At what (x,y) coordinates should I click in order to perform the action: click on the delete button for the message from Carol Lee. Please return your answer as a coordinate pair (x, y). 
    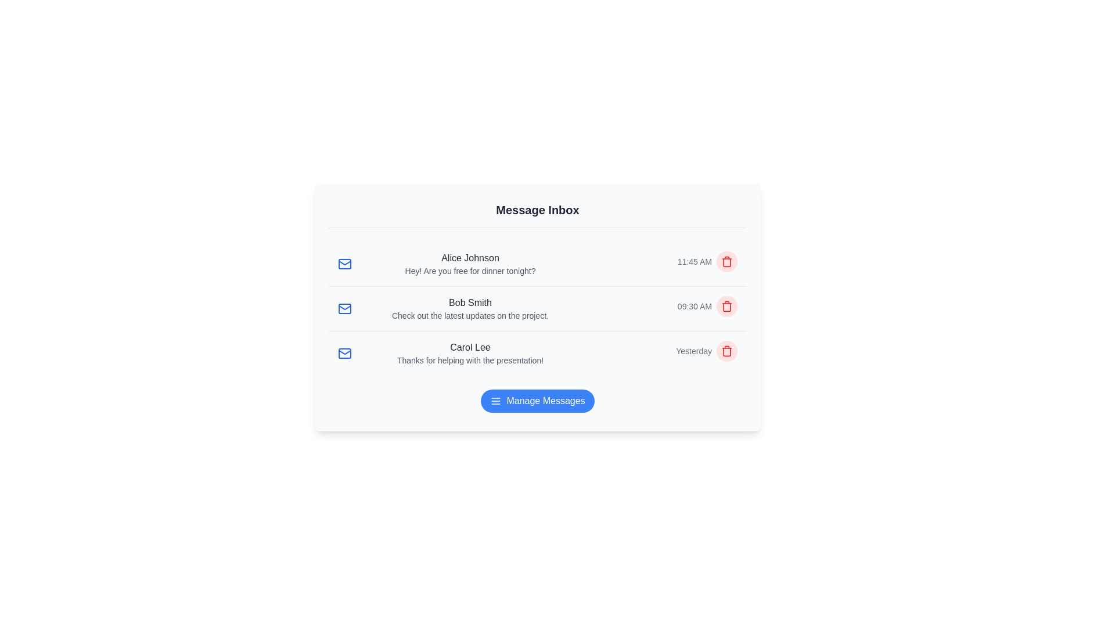
    Looking at the image, I should click on (726, 351).